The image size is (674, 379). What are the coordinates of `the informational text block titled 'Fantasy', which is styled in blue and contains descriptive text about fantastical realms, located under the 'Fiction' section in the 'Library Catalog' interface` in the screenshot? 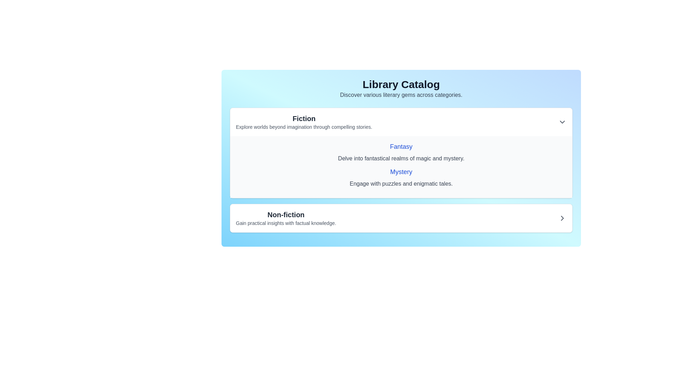 It's located at (401, 152).